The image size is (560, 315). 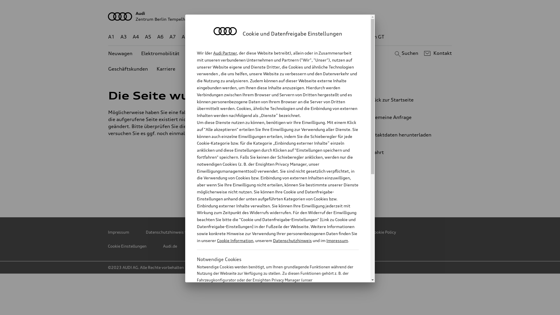 What do you see at coordinates (135, 37) in the screenshot?
I see `'A4'` at bounding box center [135, 37].